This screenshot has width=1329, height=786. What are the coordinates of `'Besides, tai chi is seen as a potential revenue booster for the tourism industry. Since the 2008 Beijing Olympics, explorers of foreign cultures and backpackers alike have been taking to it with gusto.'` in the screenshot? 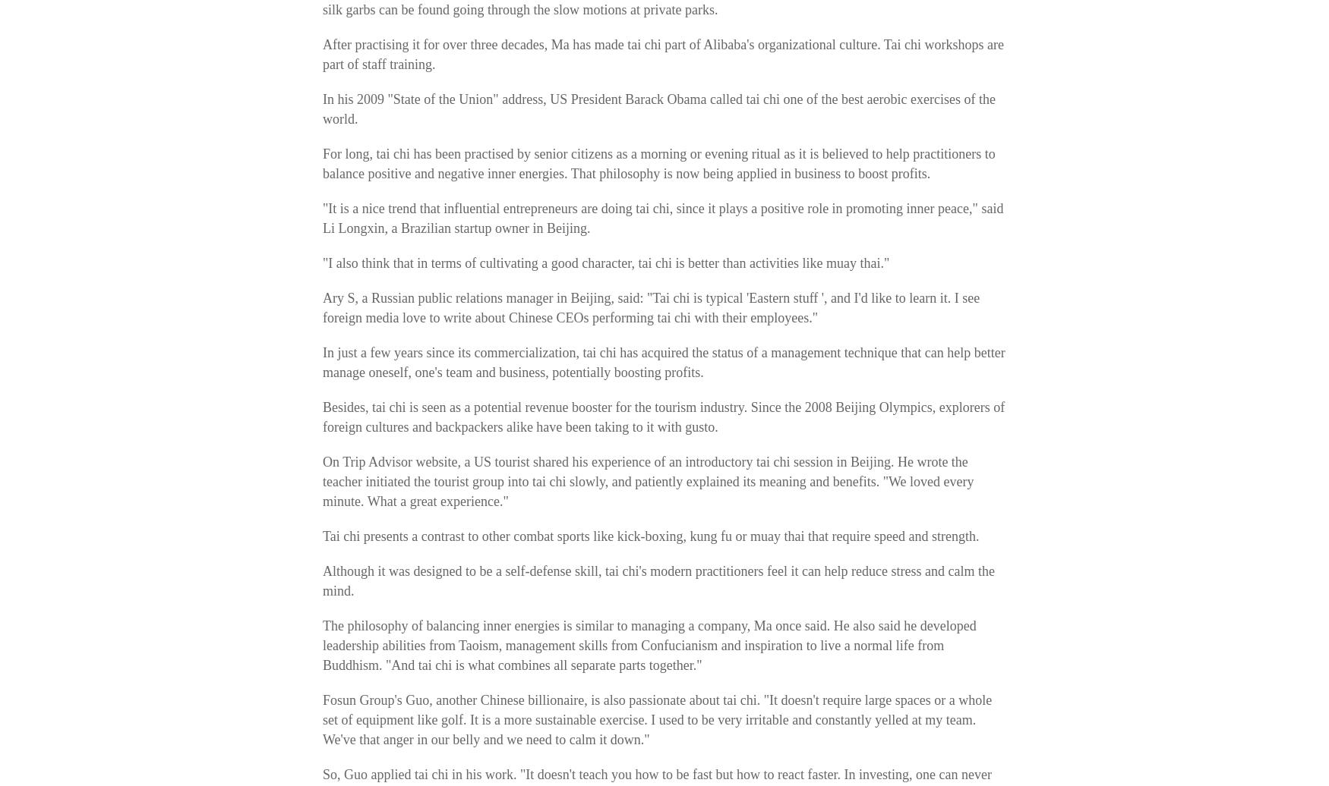 It's located at (663, 417).